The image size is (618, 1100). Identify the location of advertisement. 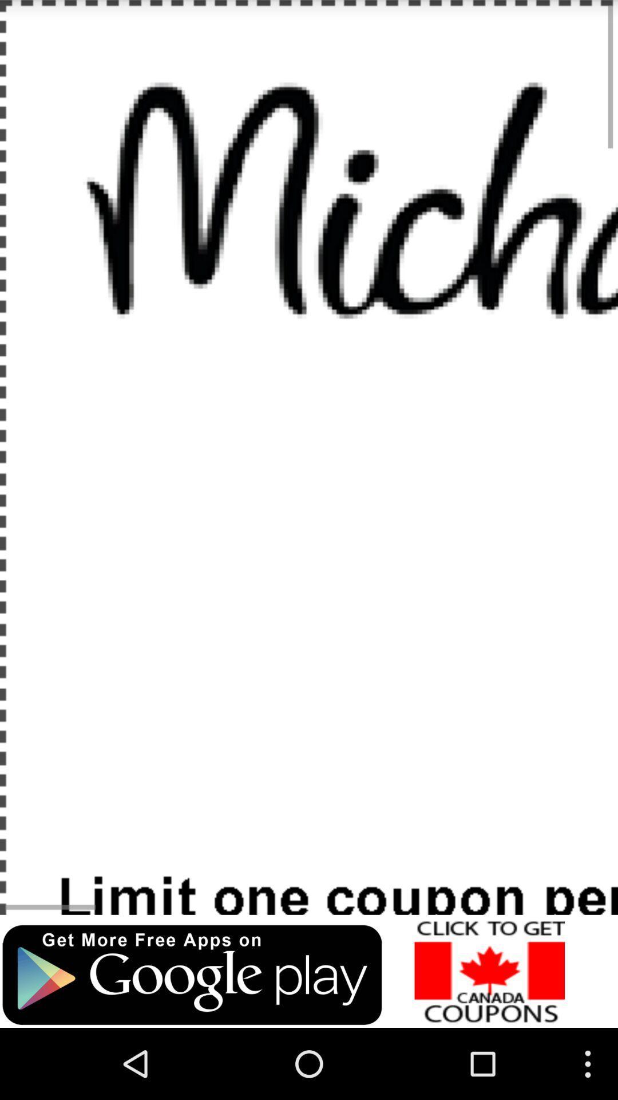
(191, 975).